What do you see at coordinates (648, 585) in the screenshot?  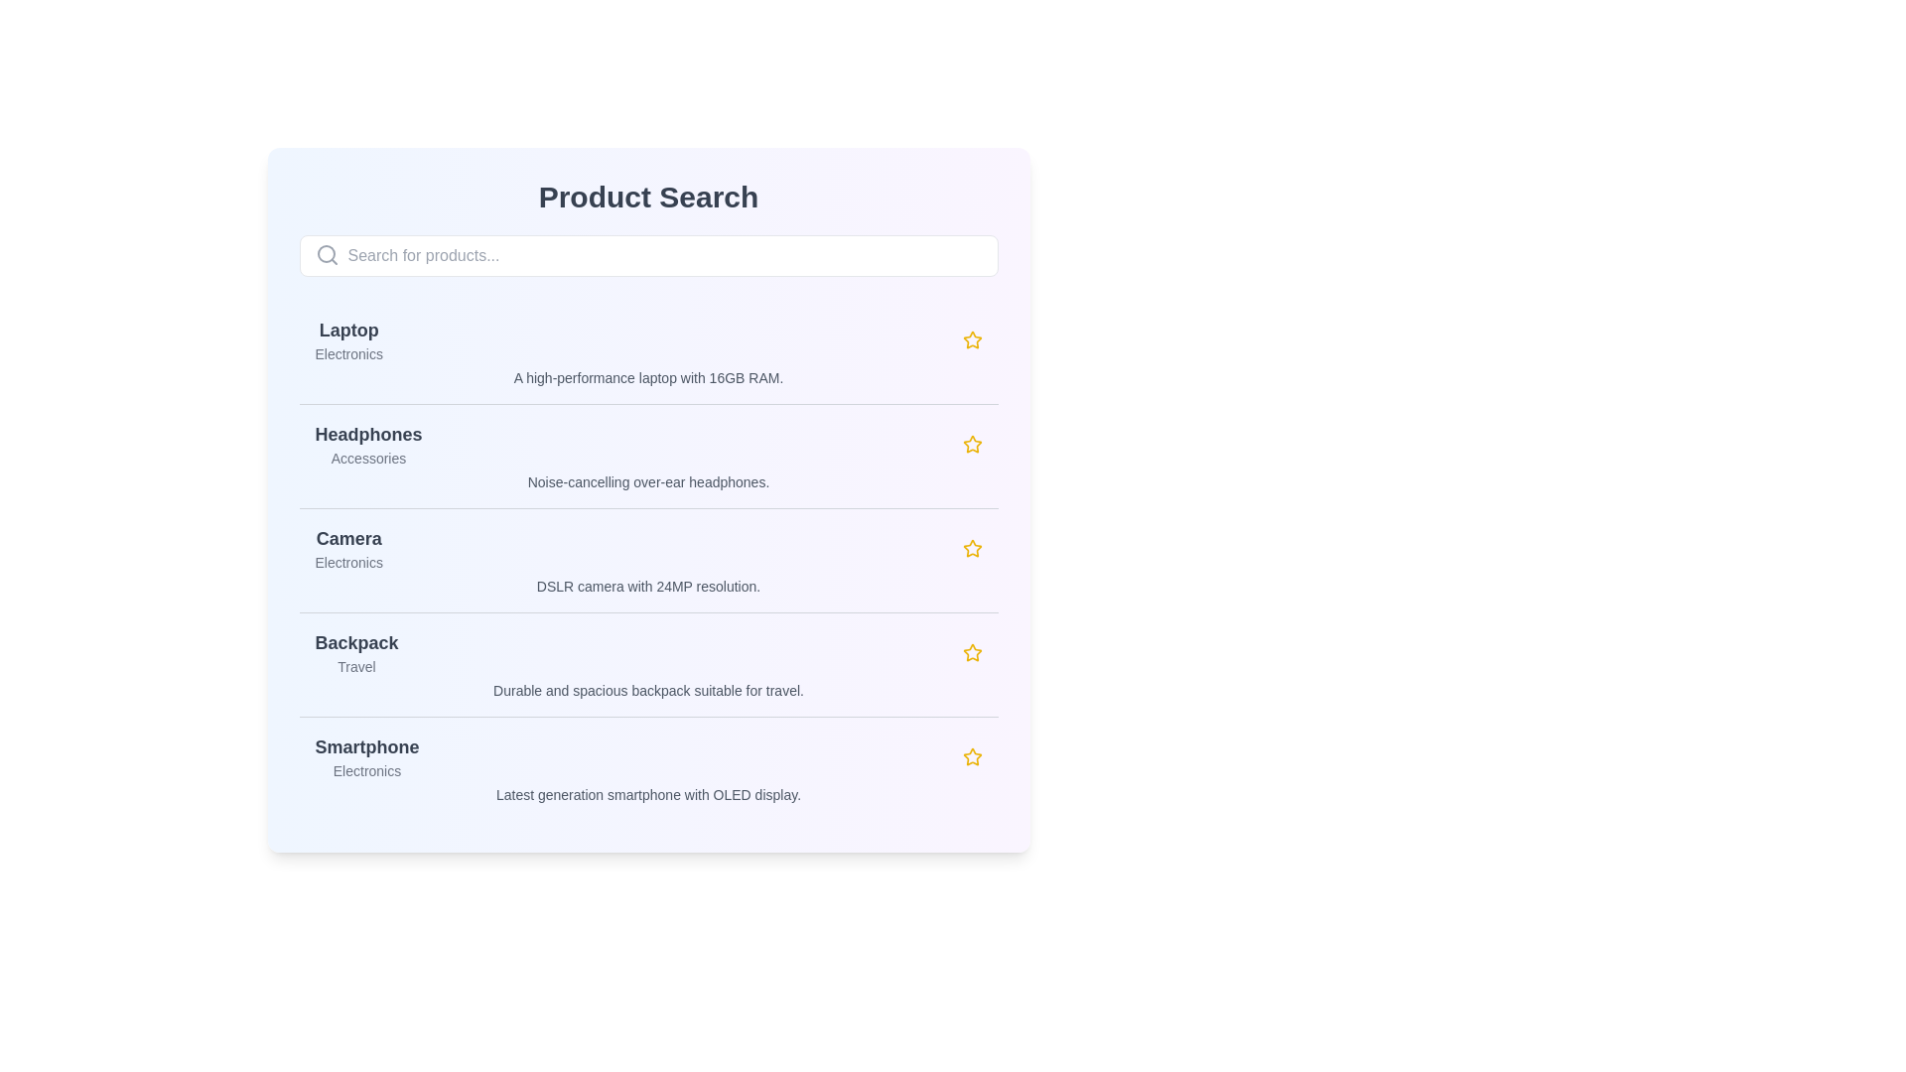 I see `the small text block displaying 'DSLR camera with 24MP resolution.' located under the 'Camera' title in the third section of a vertical list` at bounding box center [648, 585].